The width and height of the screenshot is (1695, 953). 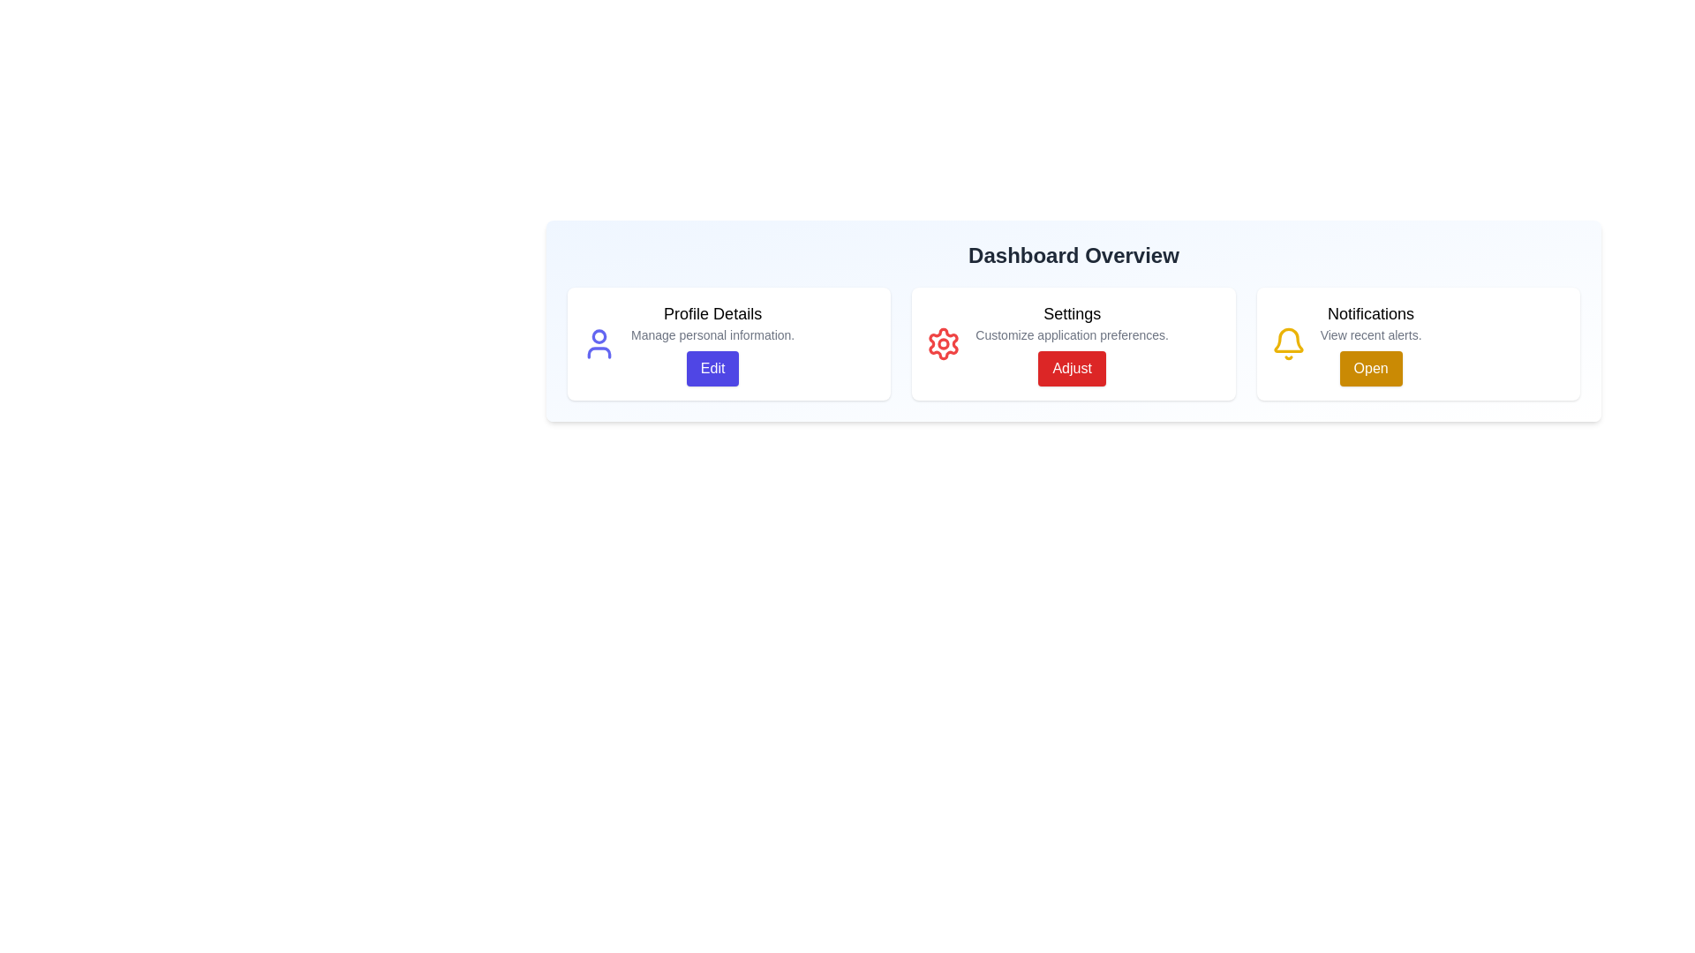 What do you see at coordinates (1370, 367) in the screenshot?
I see `the bright yellow 'Open' button with white text located in the 'Notifications' section of the card` at bounding box center [1370, 367].